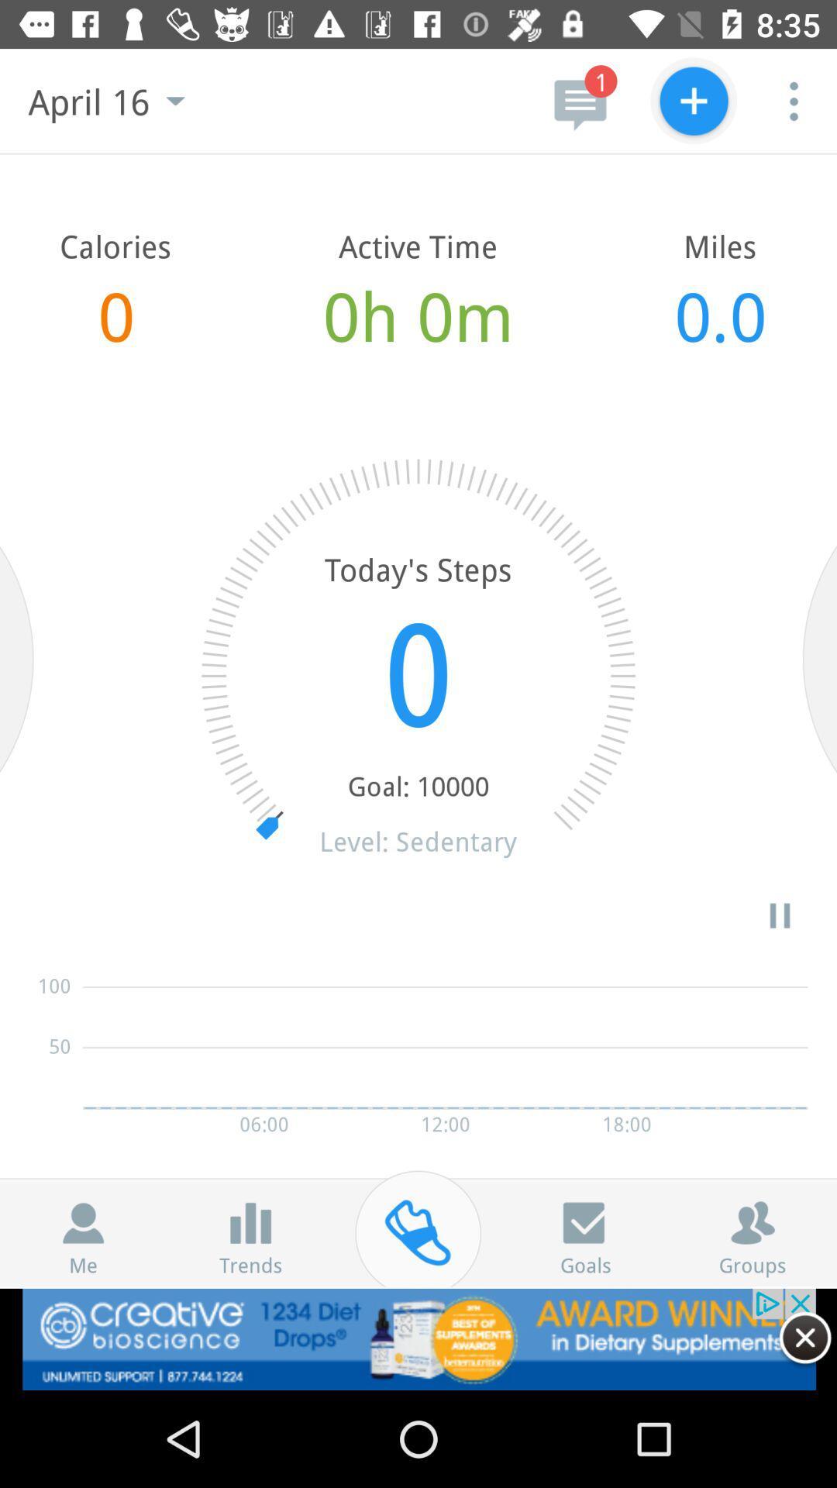 The width and height of the screenshot is (837, 1488). What do you see at coordinates (752, 1222) in the screenshot?
I see `the avatar icon` at bounding box center [752, 1222].